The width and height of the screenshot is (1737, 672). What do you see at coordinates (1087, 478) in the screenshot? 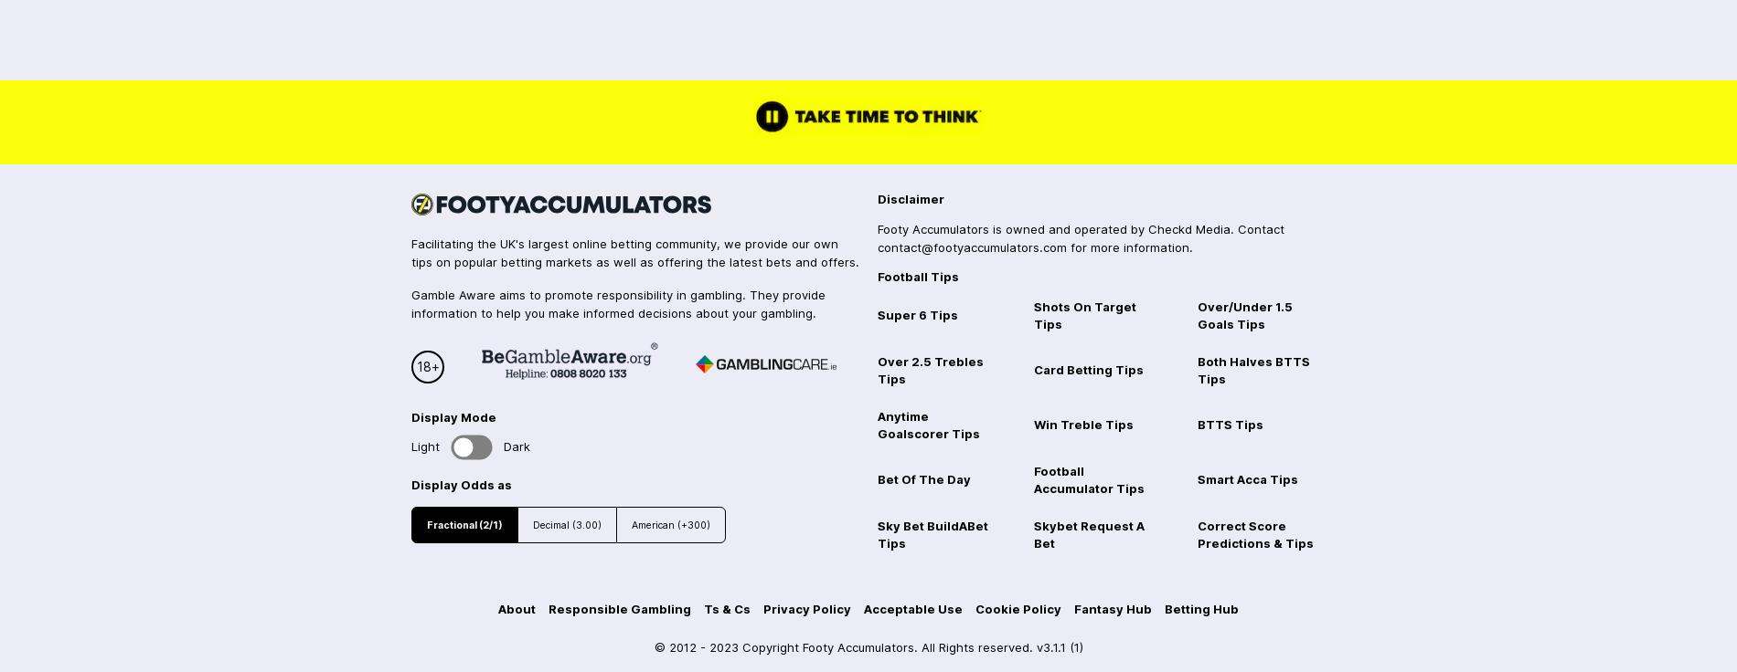
I see `'Football Accumulator Tips'` at bounding box center [1087, 478].